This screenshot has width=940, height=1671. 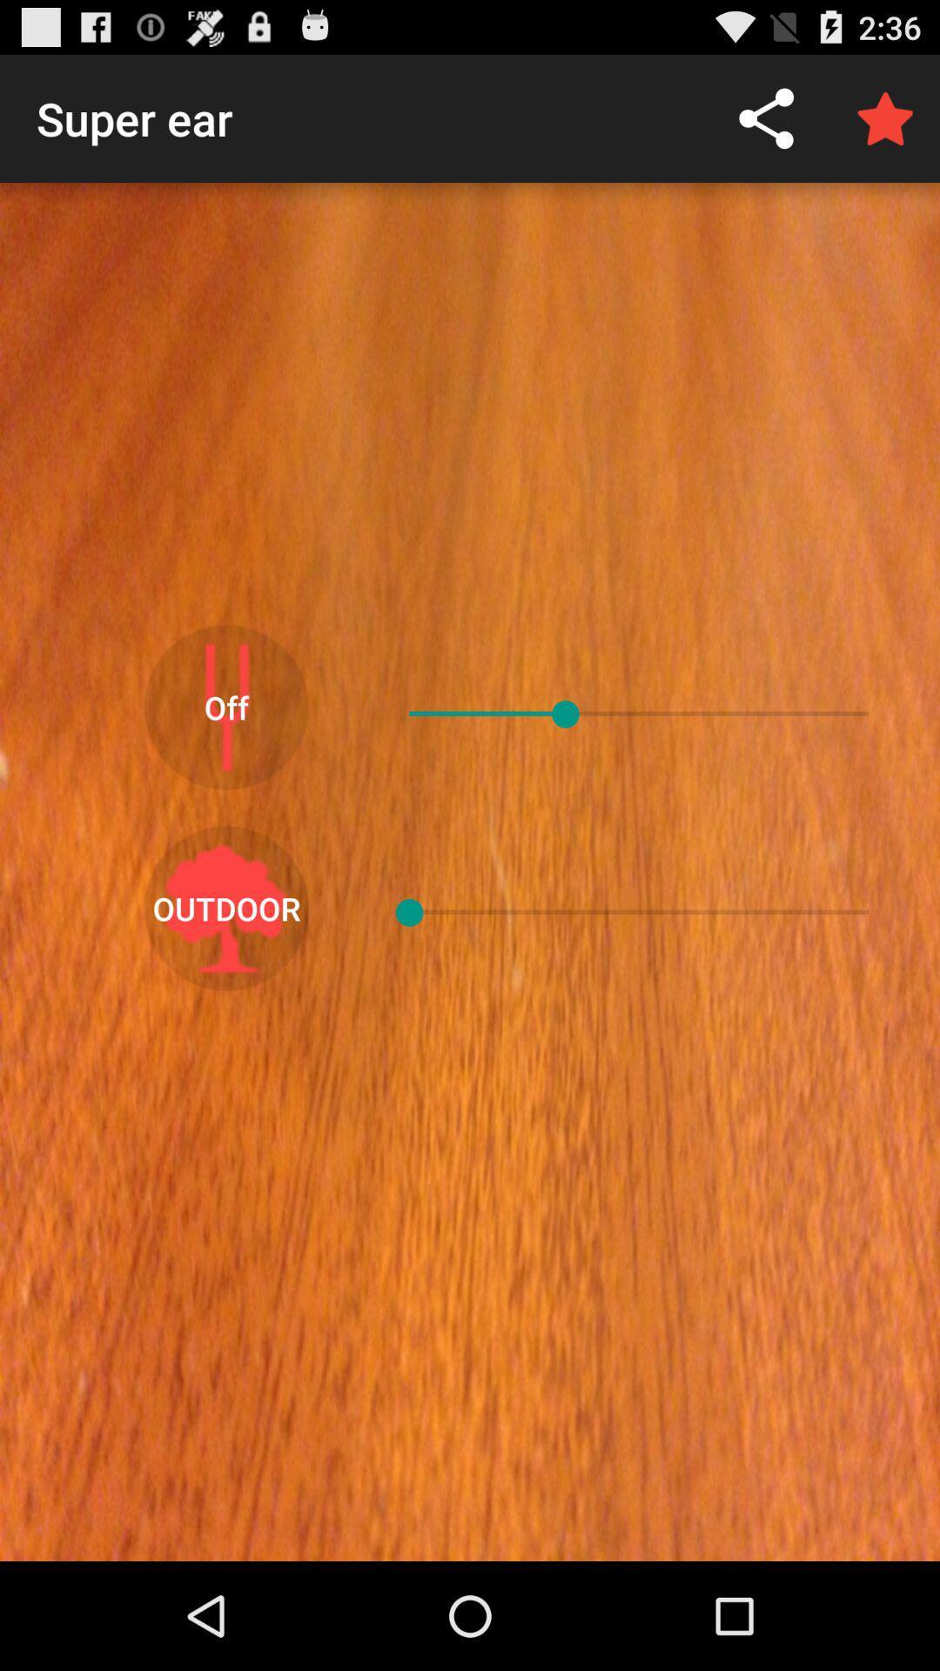 I want to click on outdoor icon, so click(x=225, y=908).